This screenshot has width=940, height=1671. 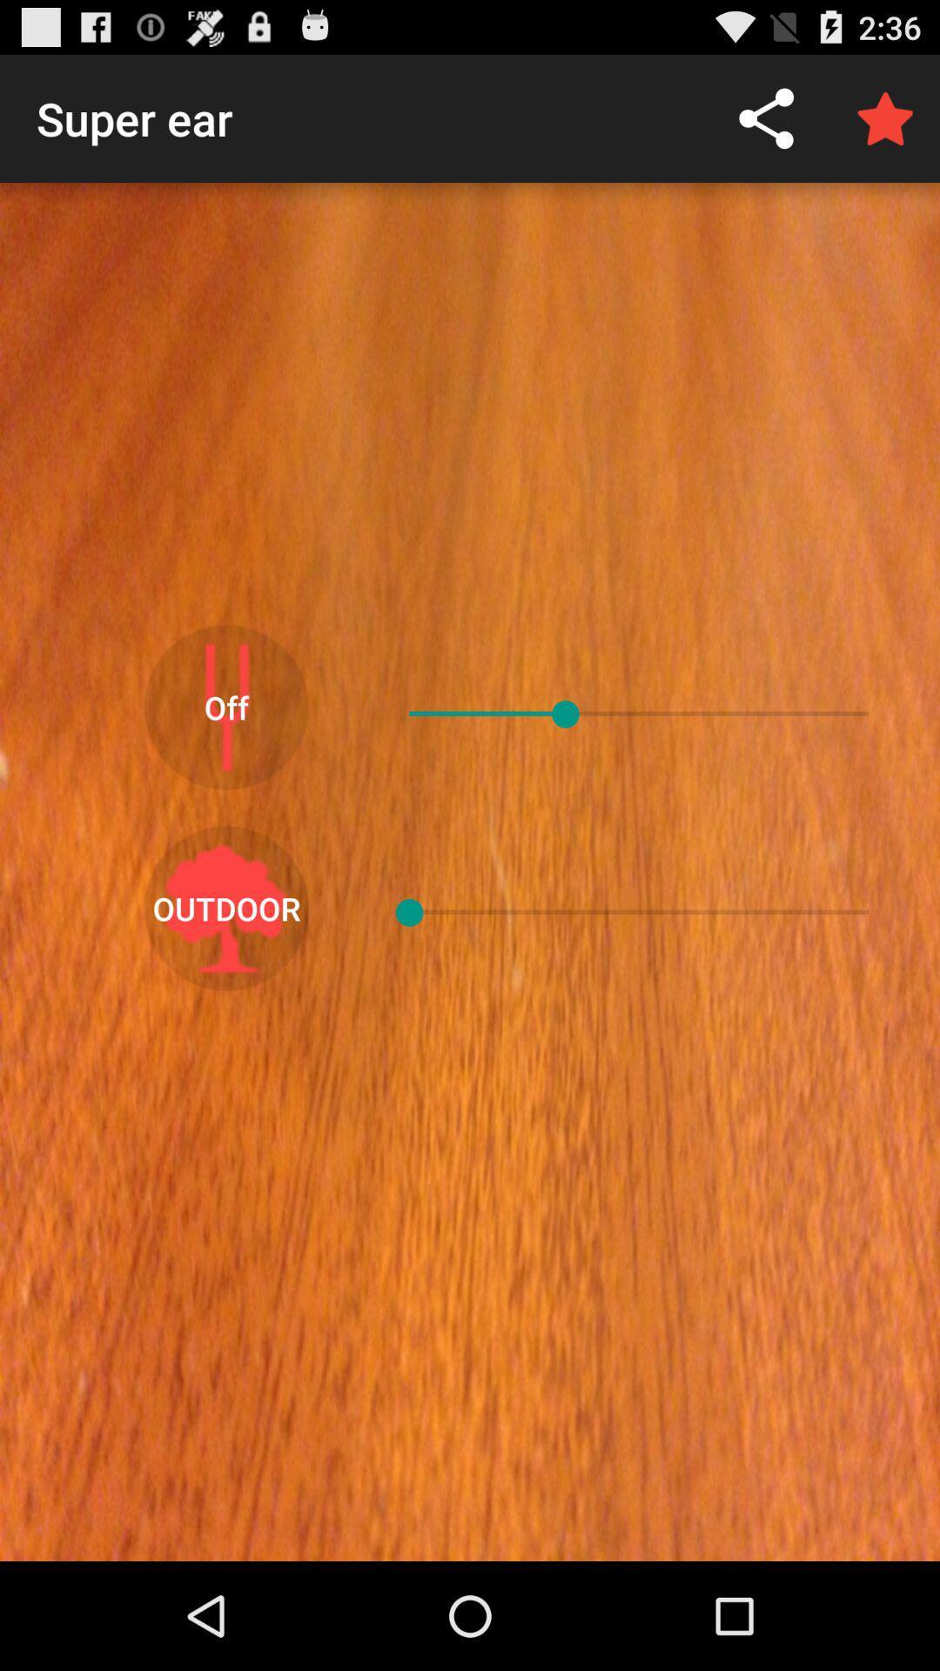 I want to click on outdoor icon, so click(x=225, y=908).